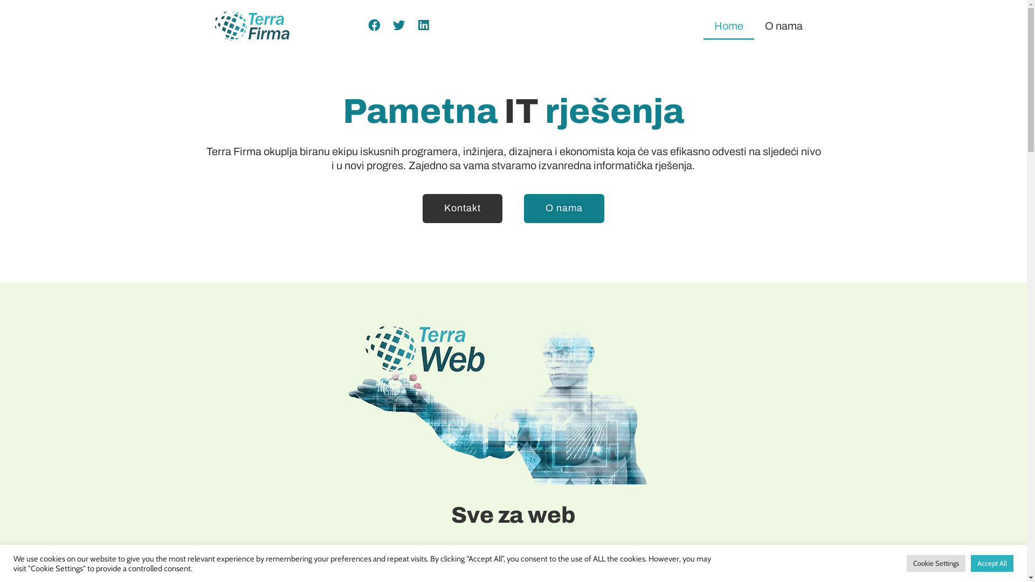 This screenshot has height=582, width=1035. I want to click on 'O nama', so click(784, 25).